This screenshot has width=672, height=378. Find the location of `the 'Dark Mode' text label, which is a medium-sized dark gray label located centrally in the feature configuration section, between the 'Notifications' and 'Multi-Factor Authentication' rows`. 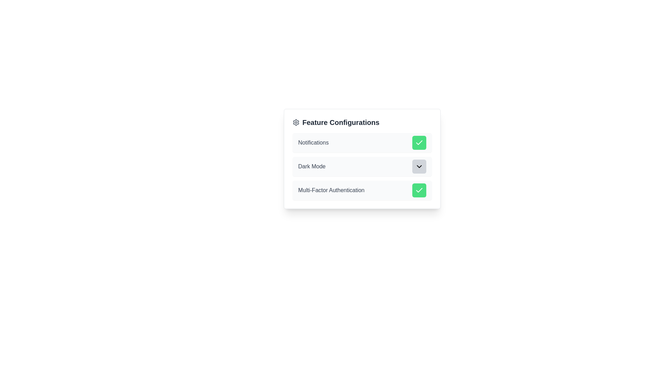

the 'Dark Mode' text label, which is a medium-sized dark gray label located centrally in the feature configuration section, between the 'Notifications' and 'Multi-Factor Authentication' rows is located at coordinates (311, 166).